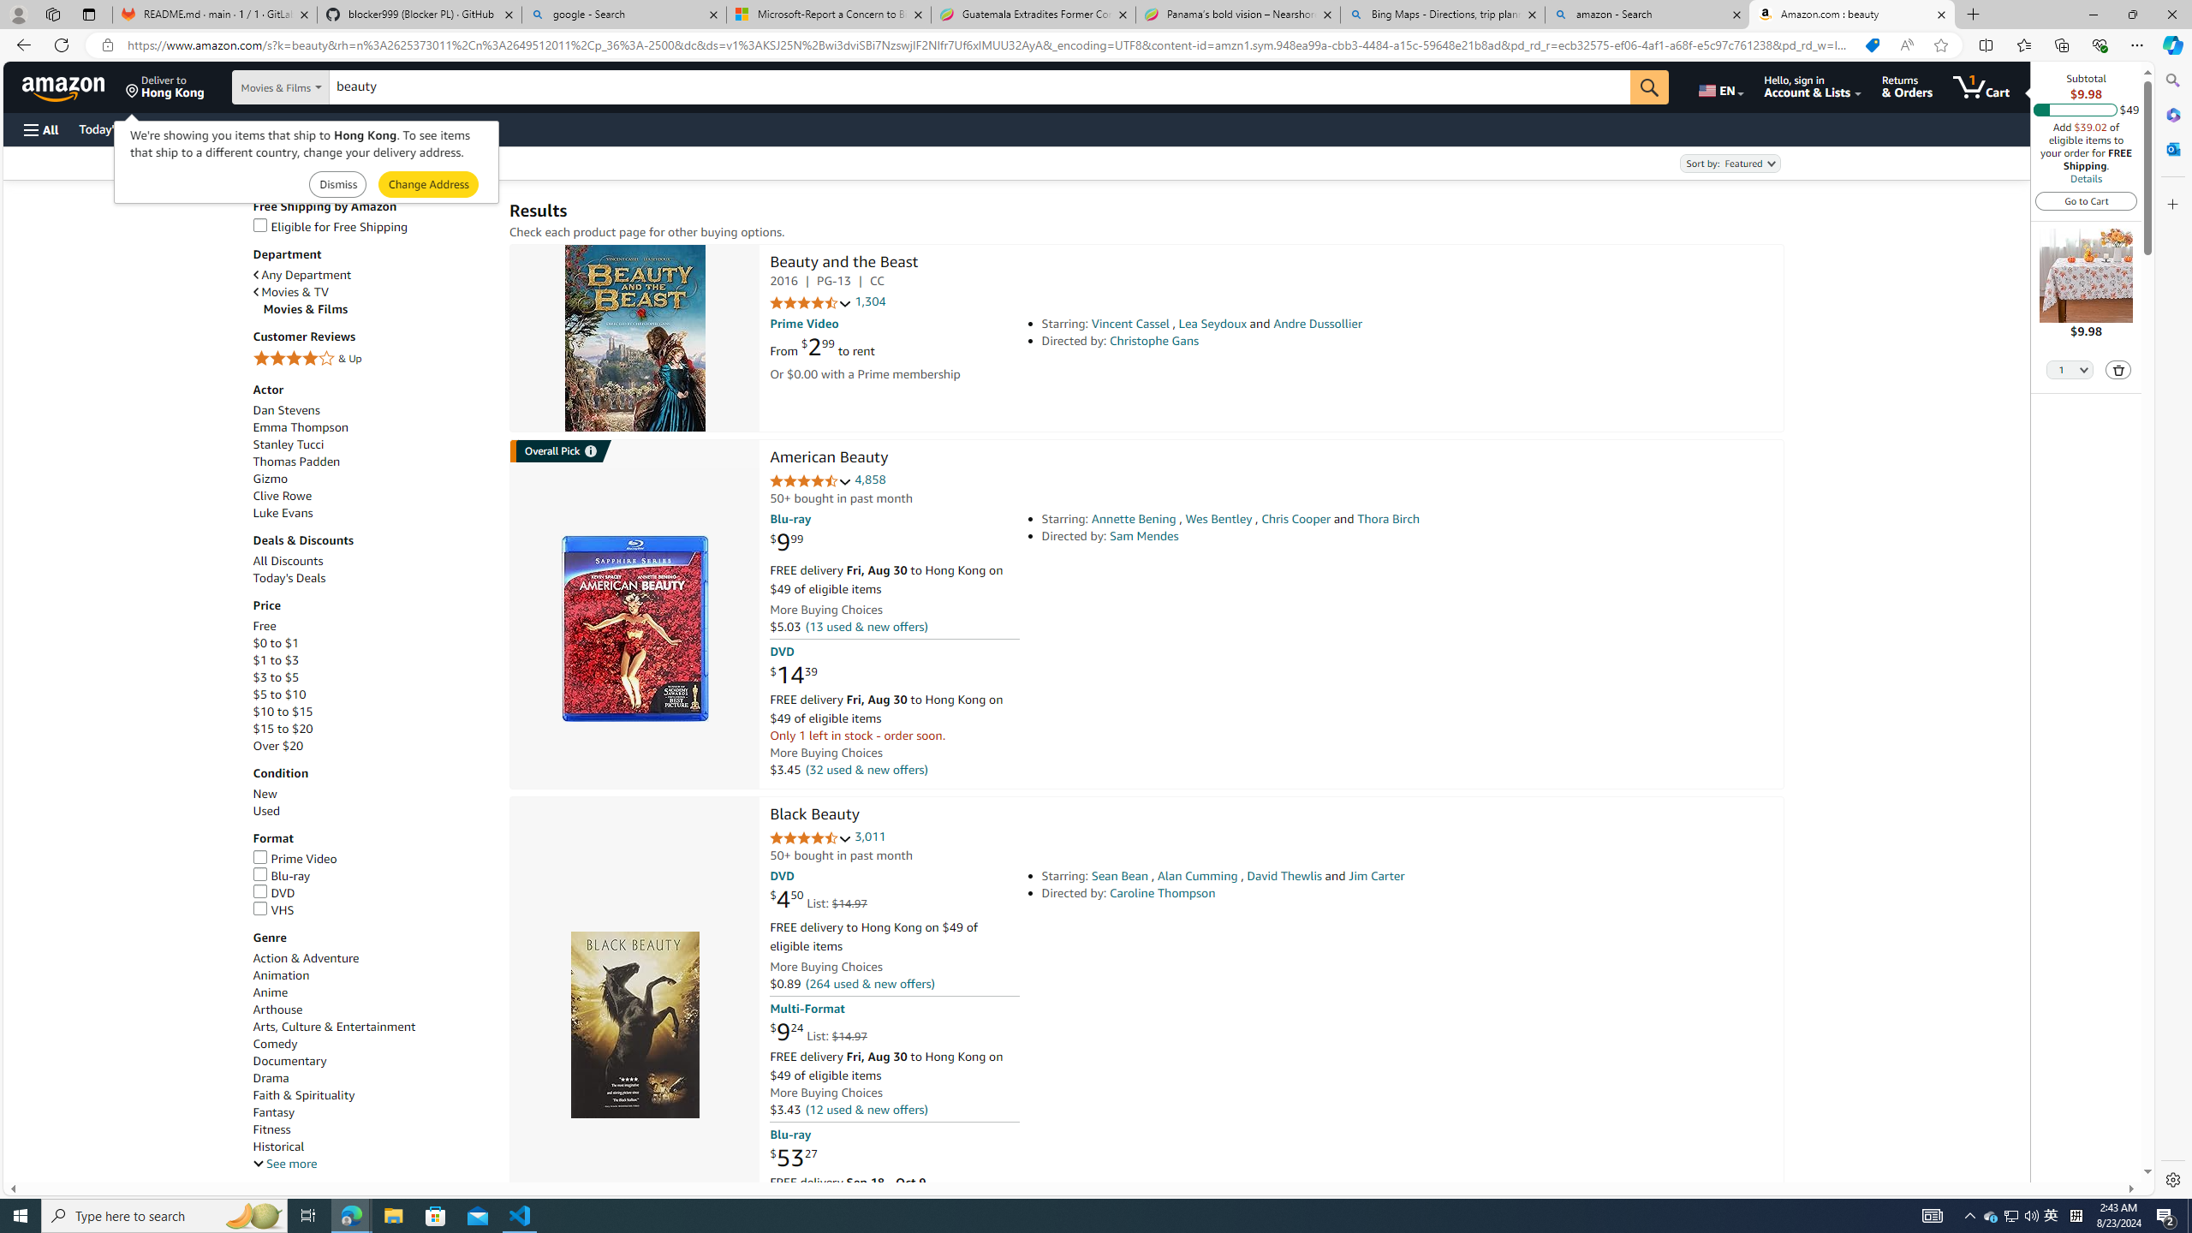 The image size is (2192, 1233). What do you see at coordinates (372, 728) in the screenshot?
I see `'$15 to $20'` at bounding box center [372, 728].